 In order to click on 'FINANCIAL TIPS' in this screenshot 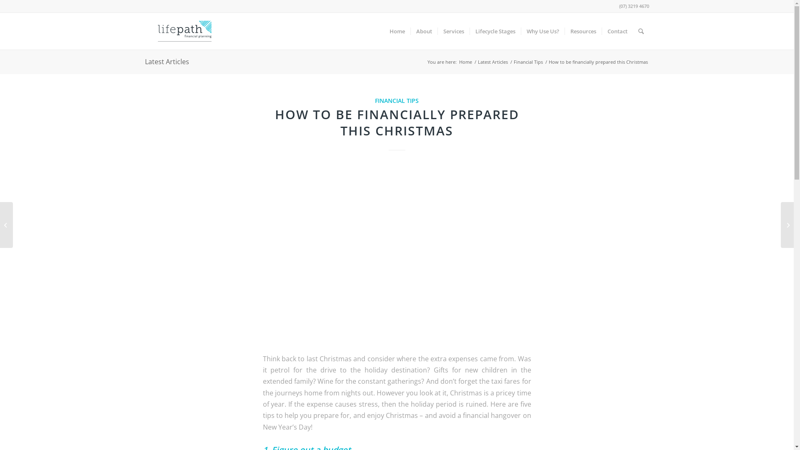, I will do `click(375, 100)`.